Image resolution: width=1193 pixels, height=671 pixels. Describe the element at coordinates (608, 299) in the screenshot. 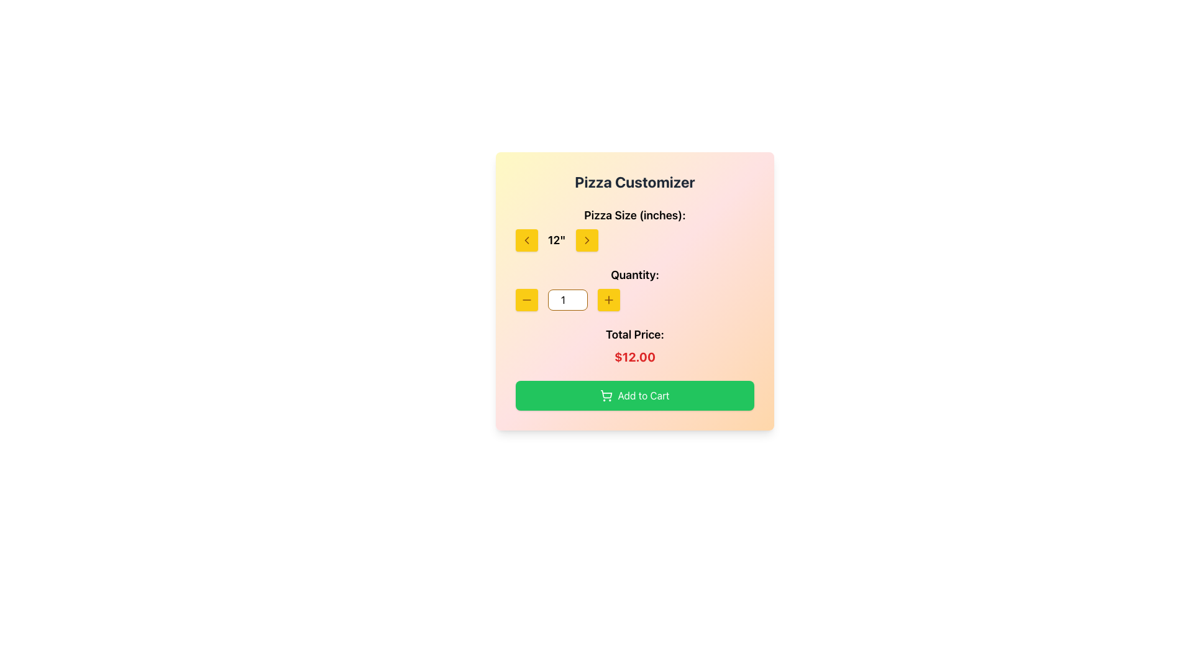

I see `the yellow square button with rounded corners that contains a plus symbol to increment the quantity` at that location.